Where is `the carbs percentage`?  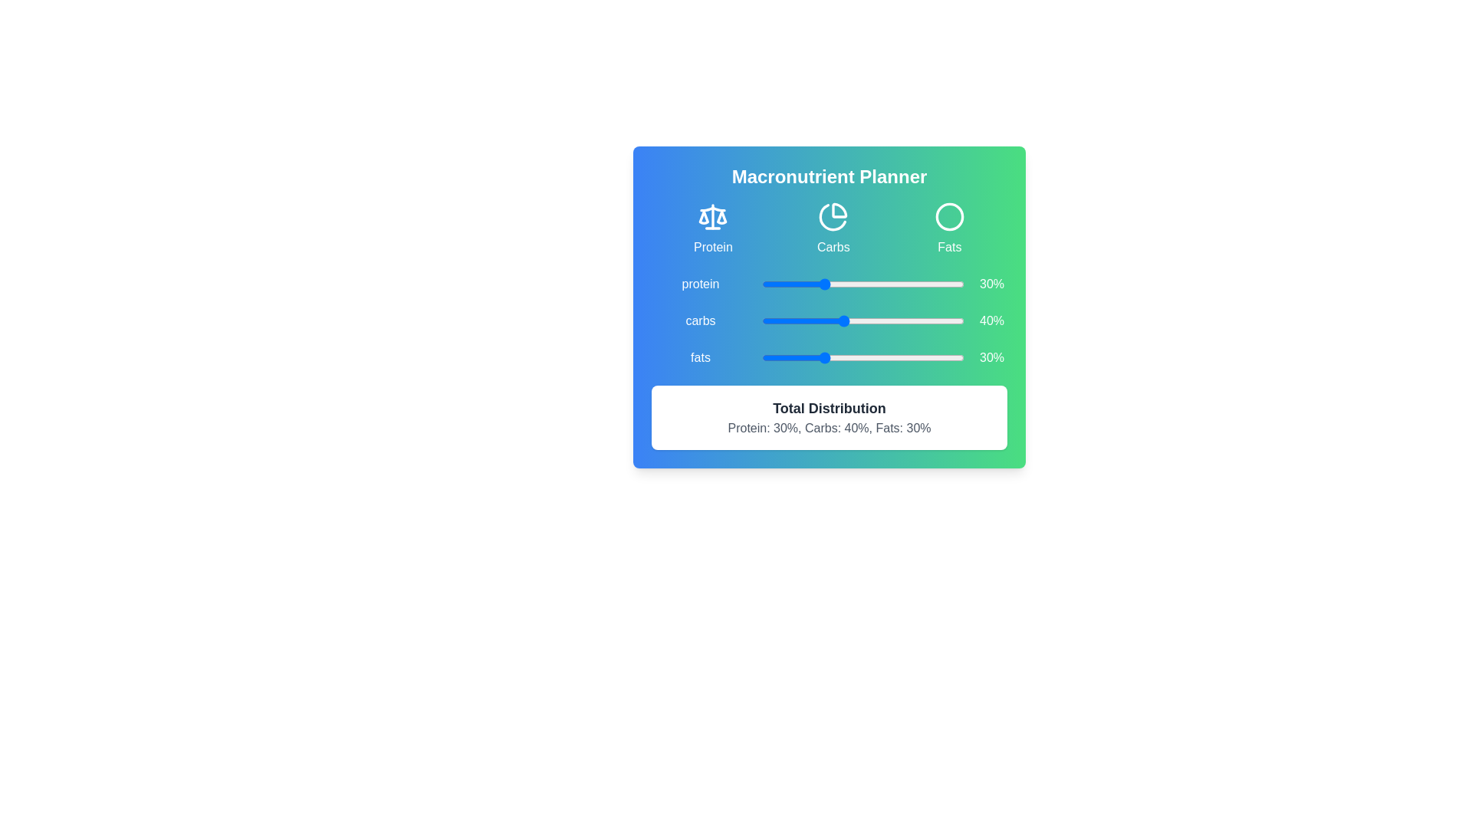 the carbs percentage is located at coordinates (852, 320).